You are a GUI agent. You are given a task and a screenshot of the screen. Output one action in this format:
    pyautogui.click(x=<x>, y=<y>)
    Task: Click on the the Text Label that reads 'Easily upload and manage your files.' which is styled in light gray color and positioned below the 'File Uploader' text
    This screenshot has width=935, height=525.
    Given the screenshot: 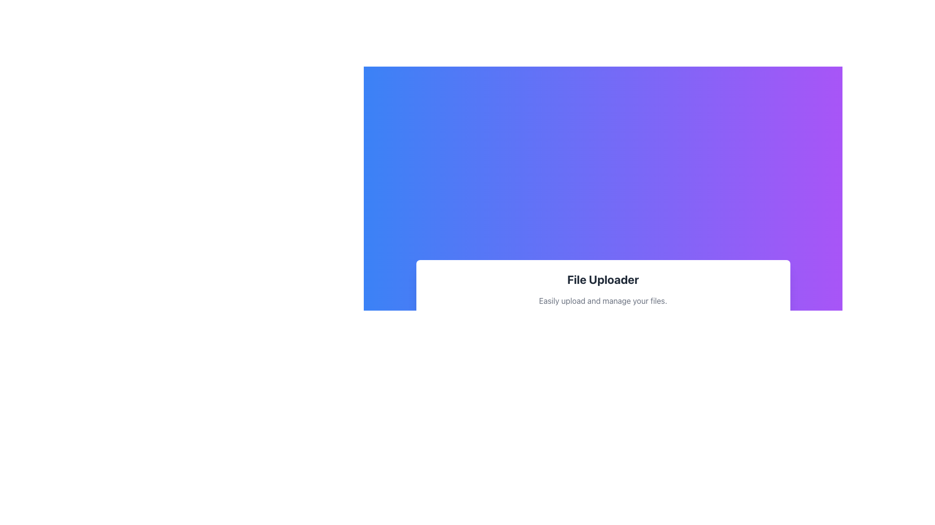 What is the action you would take?
    pyautogui.click(x=602, y=300)
    